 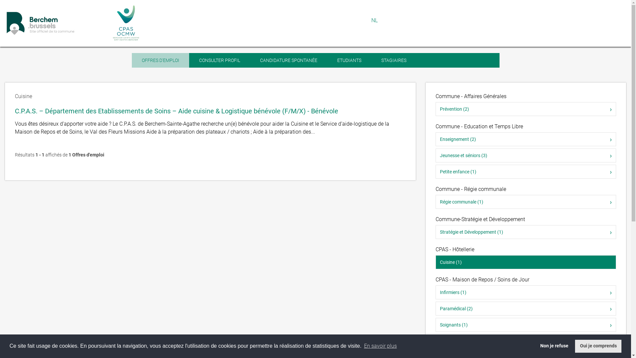 I want to click on 'Retour vers le site du CPAS de Berchem-Sainte-Agathe', so click(x=126, y=23).